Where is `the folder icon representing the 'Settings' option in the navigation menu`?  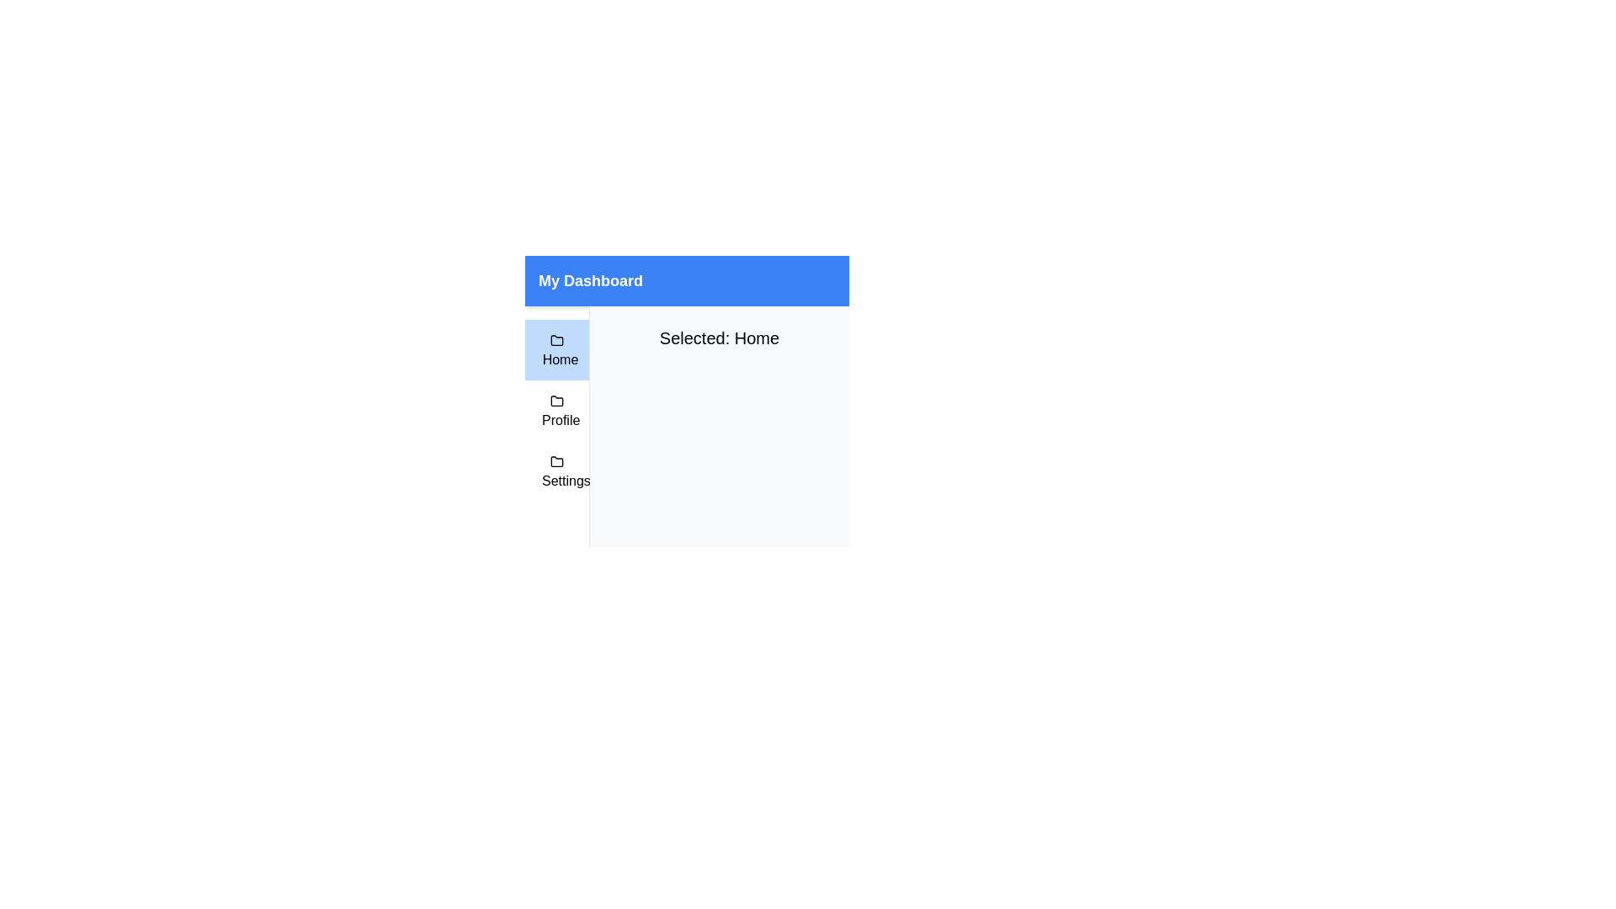 the folder icon representing the 'Settings' option in the navigation menu is located at coordinates (557, 460).